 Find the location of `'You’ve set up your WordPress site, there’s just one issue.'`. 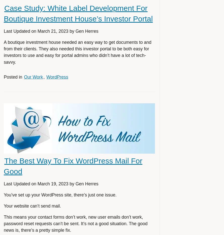

'You’ve set up your WordPress site, there’s just one issue.' is located at coordinates (60, 194).